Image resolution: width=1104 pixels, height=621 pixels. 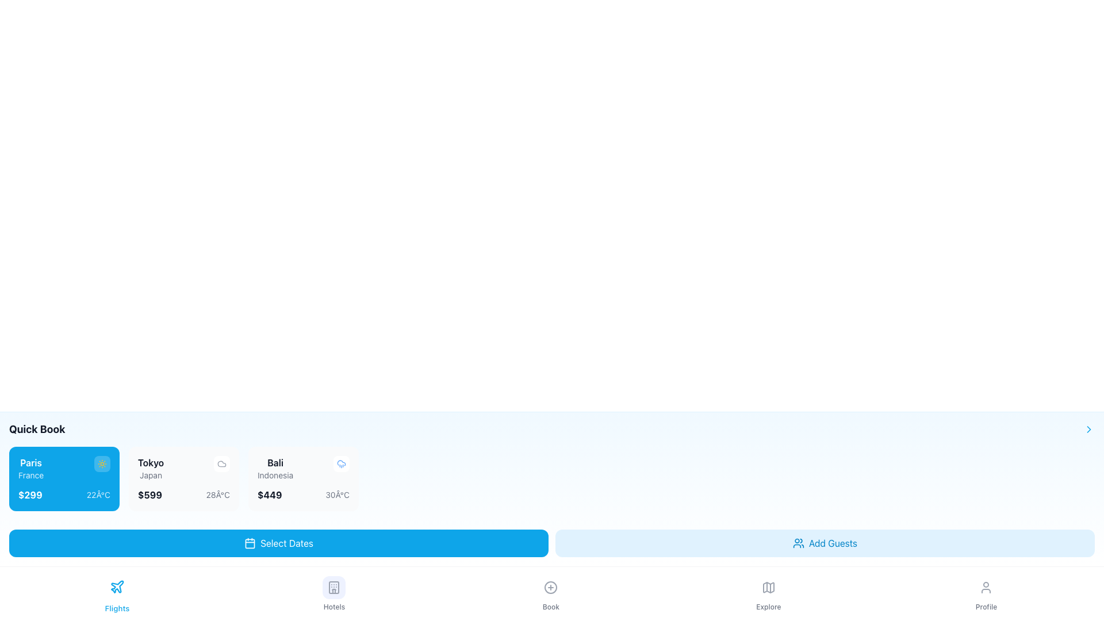 I want to click on the descriptive text label located below the circular icon with a plus sign, which is positioned in the bottom navigation area, closest to the 'Explore' button on the right and the 'Hotels' button on the left, so click(x=550, y=607).